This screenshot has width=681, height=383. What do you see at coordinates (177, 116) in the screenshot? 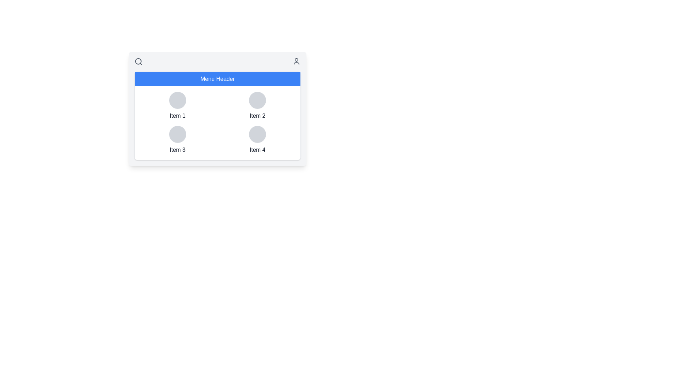
I see `the static text label 'Item 1' located in the top-left quadrant of the grid layout, directly below its associated circular icon` at bounding box center [177, 116].